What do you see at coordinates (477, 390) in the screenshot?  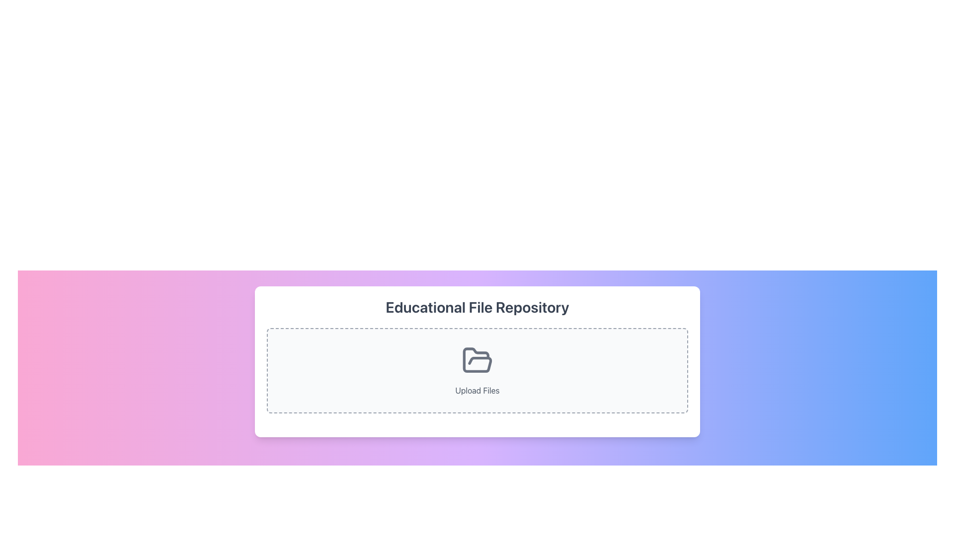 I see `the 'Upload Files' text label, which is displayed in light gray beneath a folder icon within a dashed-bordered upload area` at bounding box center [477, 390].